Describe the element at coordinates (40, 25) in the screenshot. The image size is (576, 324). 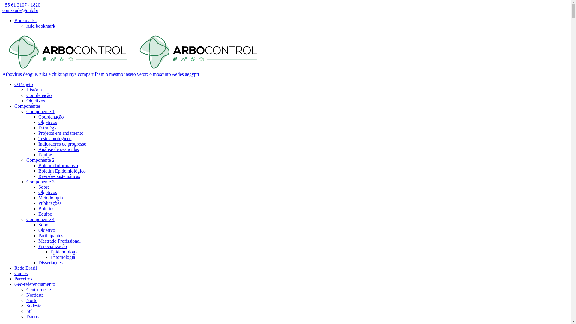
I see `'Add bookmark'` at that location.